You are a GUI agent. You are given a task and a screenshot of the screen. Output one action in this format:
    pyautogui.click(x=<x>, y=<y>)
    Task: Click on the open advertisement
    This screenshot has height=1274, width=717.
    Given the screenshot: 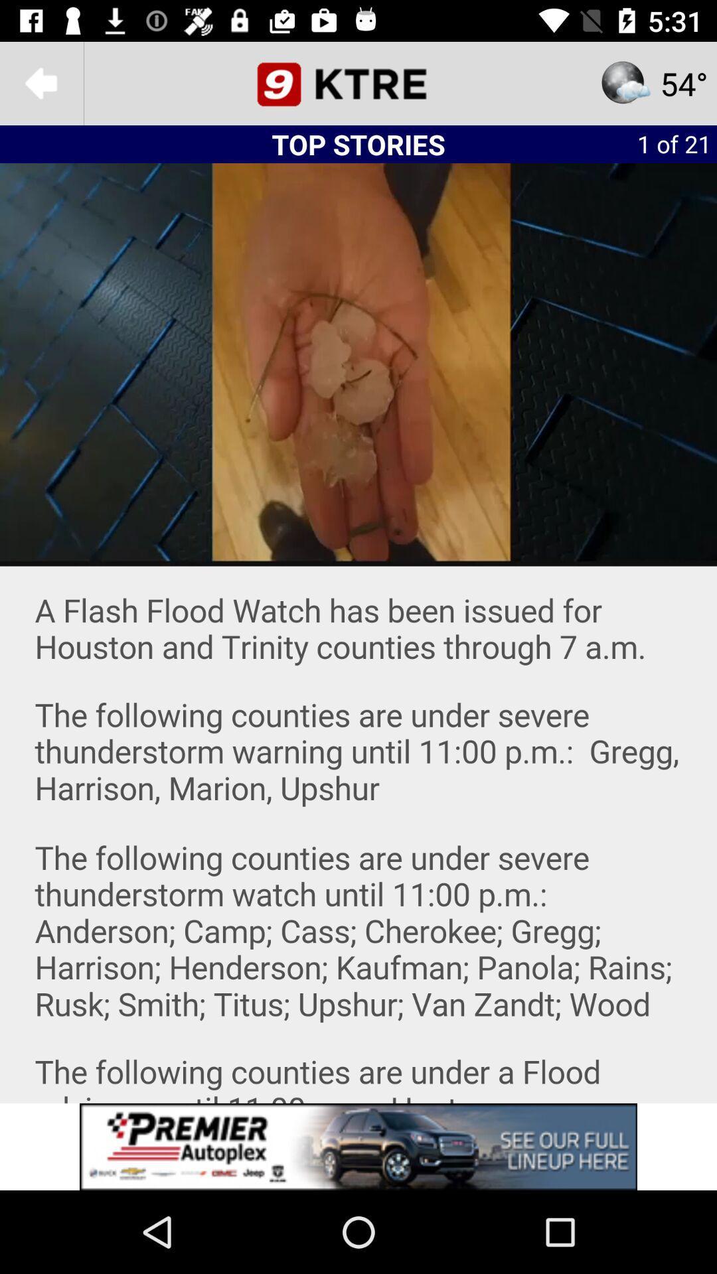 What is the action you would take?
    pyautogui.click(x=358, y=1146)
    